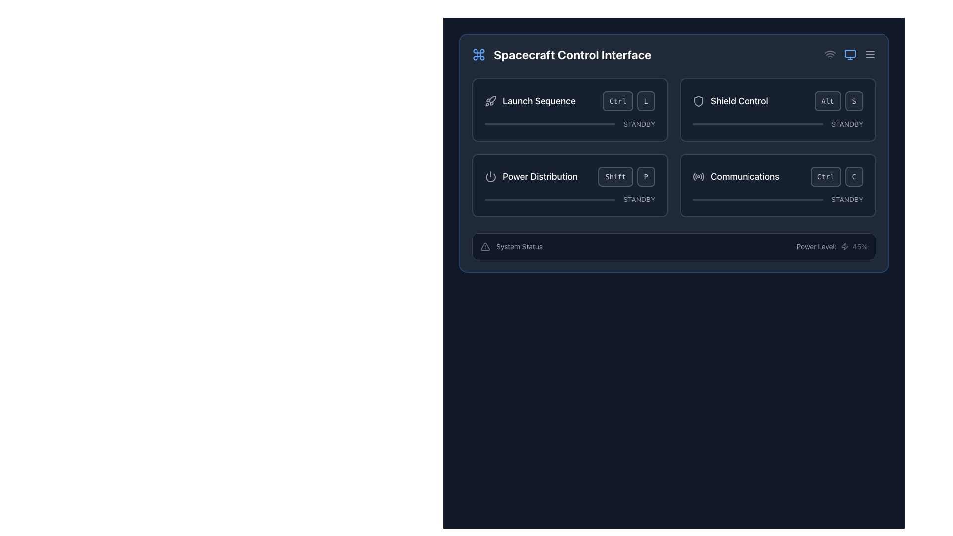 The width and height of the screenshot is (953, 536). I want to click on the rounded rectangular button labeled 'C' with a dark gray background and lighter gray border, located to the right of the 'Ctrl' button in the bottom right corner of the 'Communications' section, so click(853, 176).